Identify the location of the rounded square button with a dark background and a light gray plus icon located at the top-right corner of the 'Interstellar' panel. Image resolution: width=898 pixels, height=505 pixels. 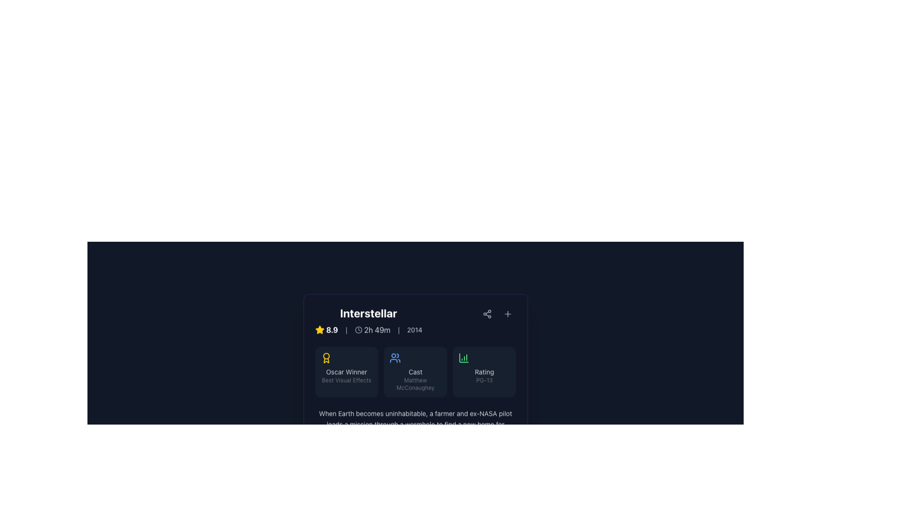
(507, 314).